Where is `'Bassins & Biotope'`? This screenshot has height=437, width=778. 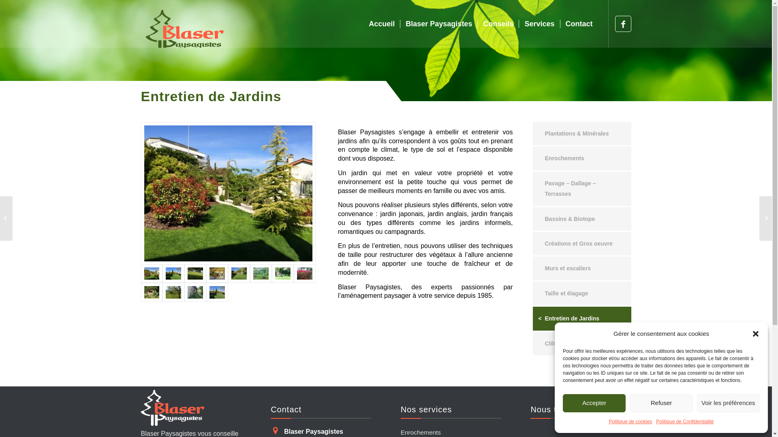
'Bassins & Biotope' is located at coordinates (581, 218).